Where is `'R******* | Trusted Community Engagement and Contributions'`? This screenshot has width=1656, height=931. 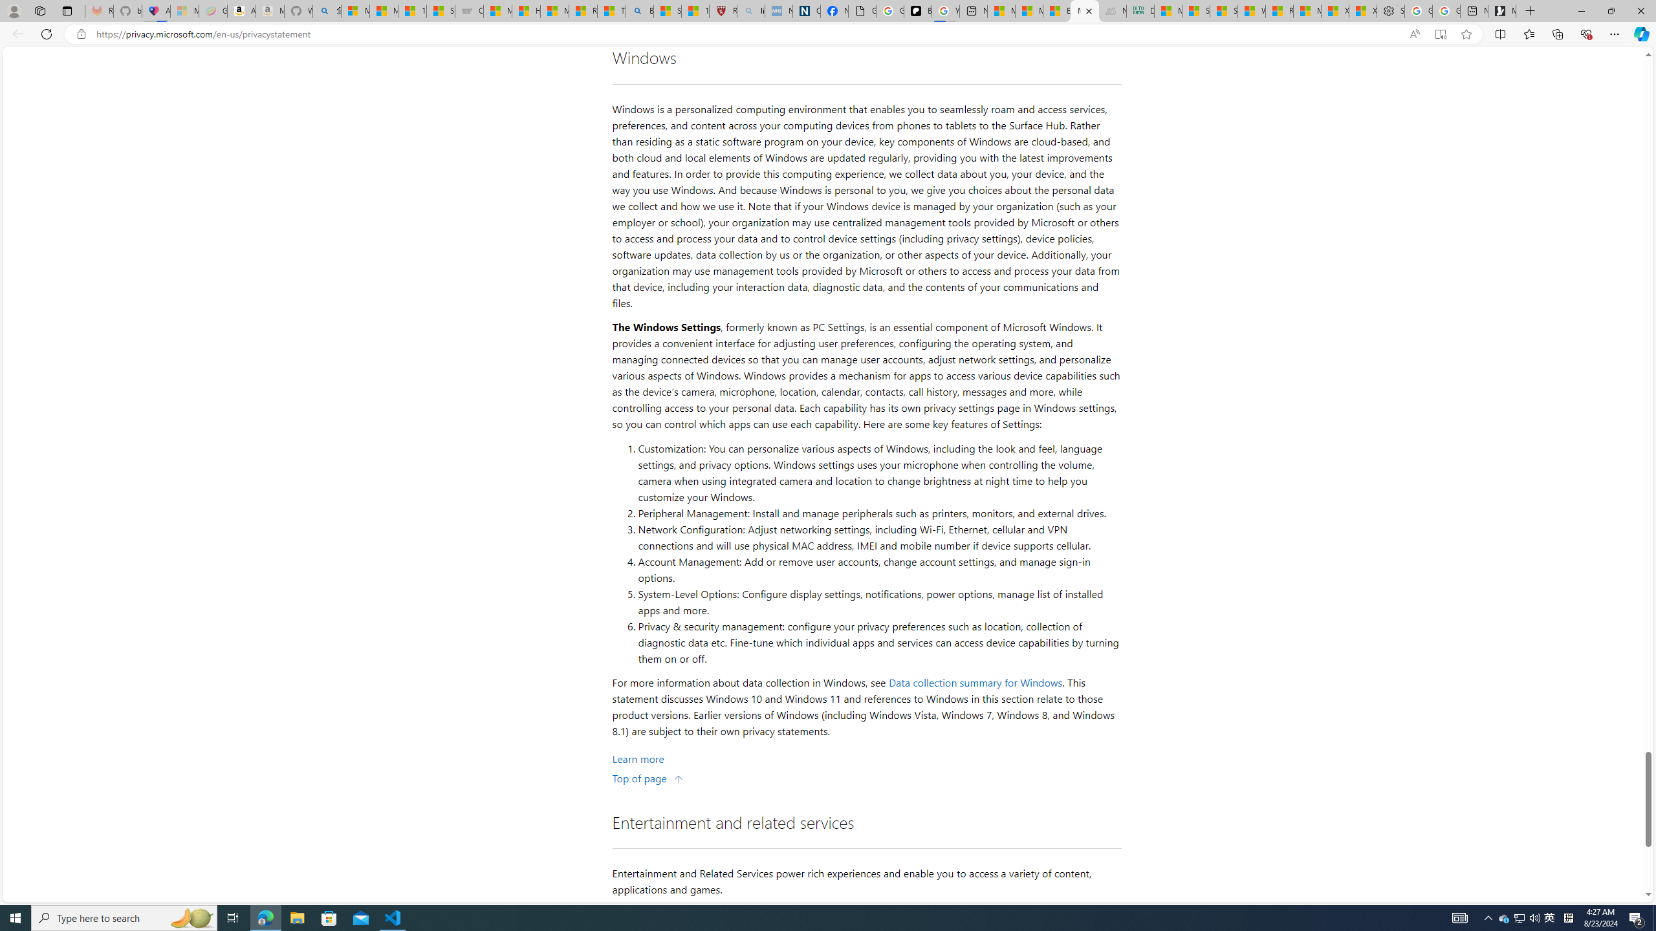
'R******* | Trusted Community Engagement and Contributions' is located at coordinates (1279, 10).